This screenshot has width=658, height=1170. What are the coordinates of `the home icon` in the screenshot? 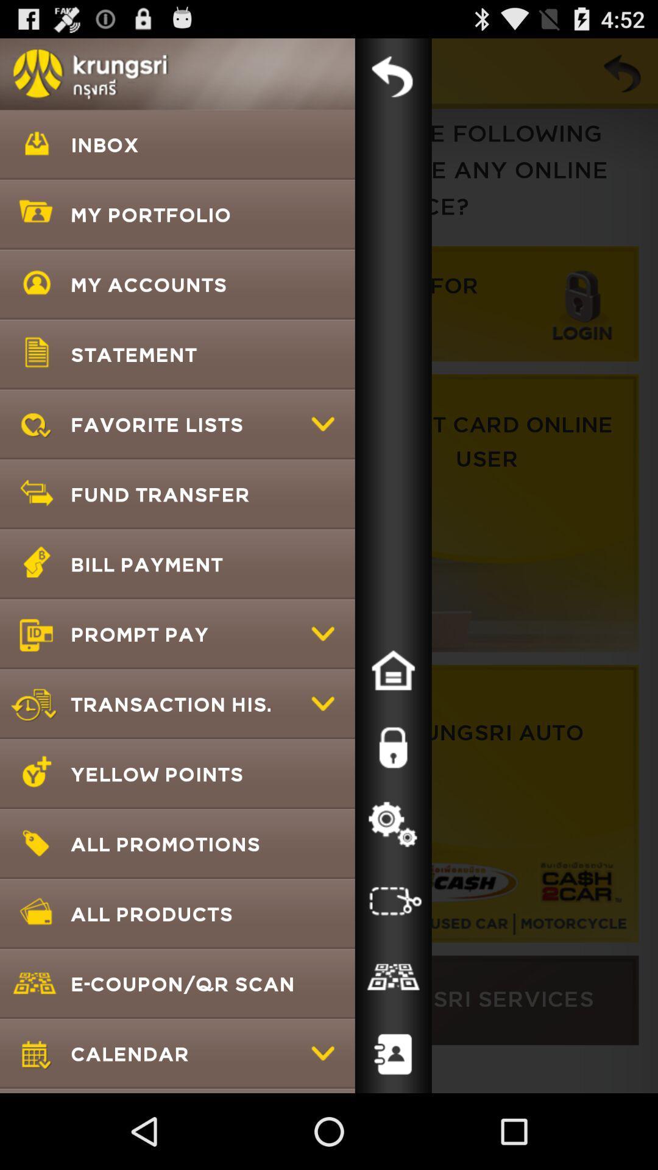 It's located at (393, 718).